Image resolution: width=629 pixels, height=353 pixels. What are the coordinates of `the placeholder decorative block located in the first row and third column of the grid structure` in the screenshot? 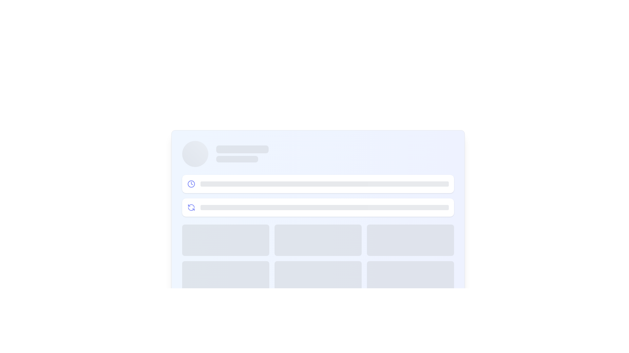 It's located at (410, 240).